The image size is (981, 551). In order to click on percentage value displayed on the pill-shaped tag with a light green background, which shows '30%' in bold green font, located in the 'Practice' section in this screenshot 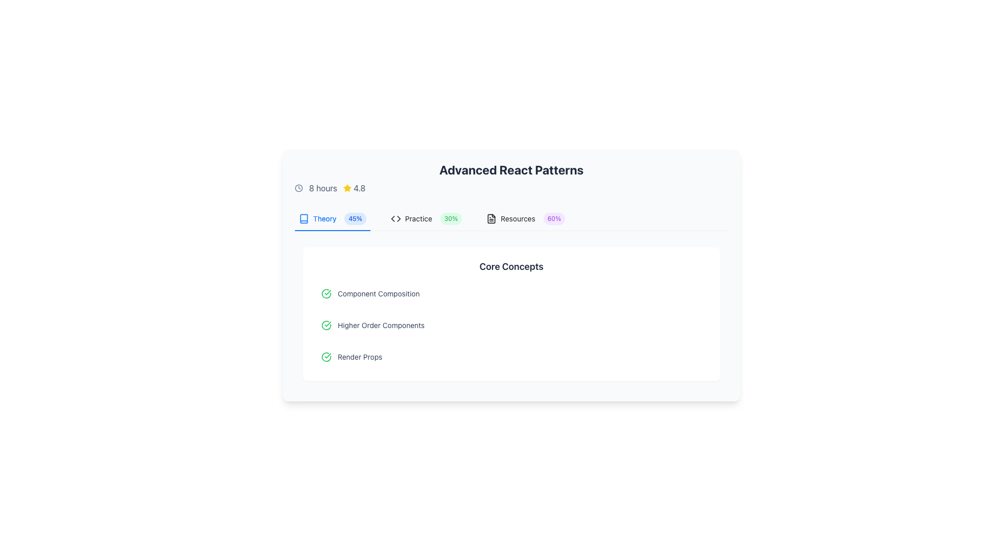, I will do `click(451, 218)`.